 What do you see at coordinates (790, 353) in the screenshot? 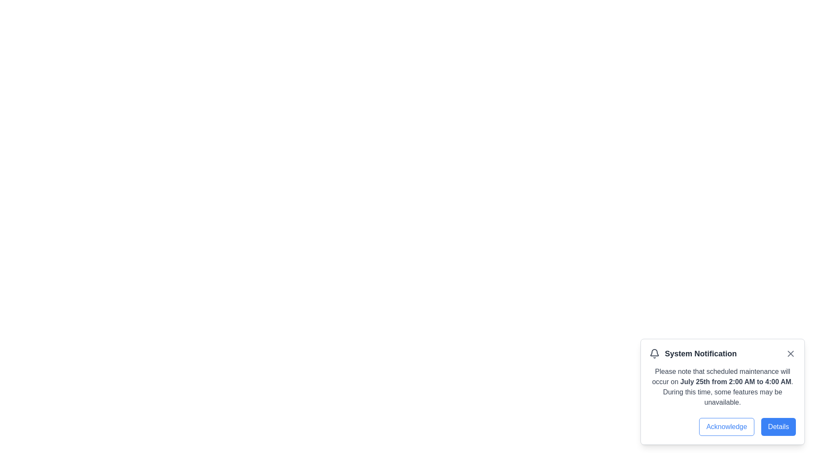
I see `the close button located at the top right corner of the notification modal to change its color` at bounding box center [790, 353].